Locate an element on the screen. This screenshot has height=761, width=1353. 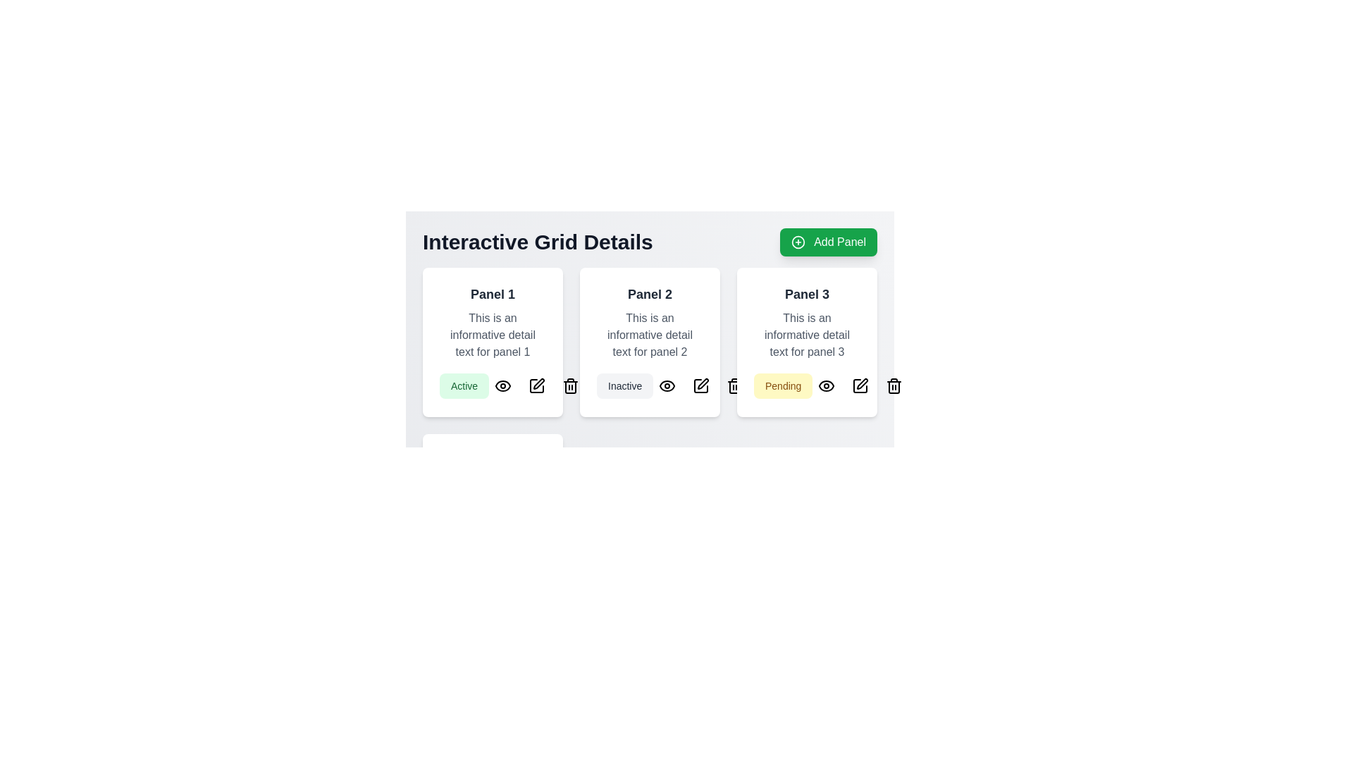
the heading text 'Panel 1' which serves as a title for the first card in the interactive grid layout is located at coordinates (493, 293).